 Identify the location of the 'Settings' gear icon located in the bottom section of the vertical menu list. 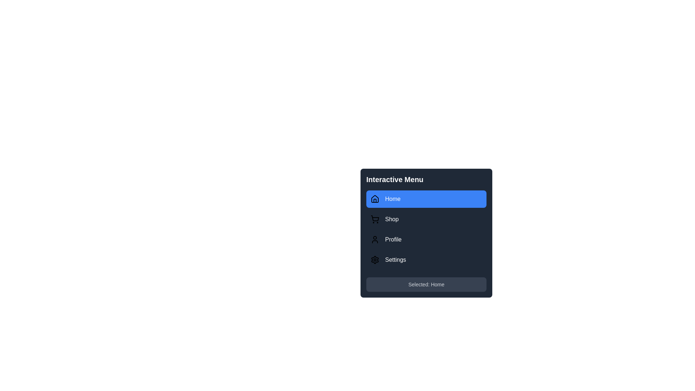
(375, 259).